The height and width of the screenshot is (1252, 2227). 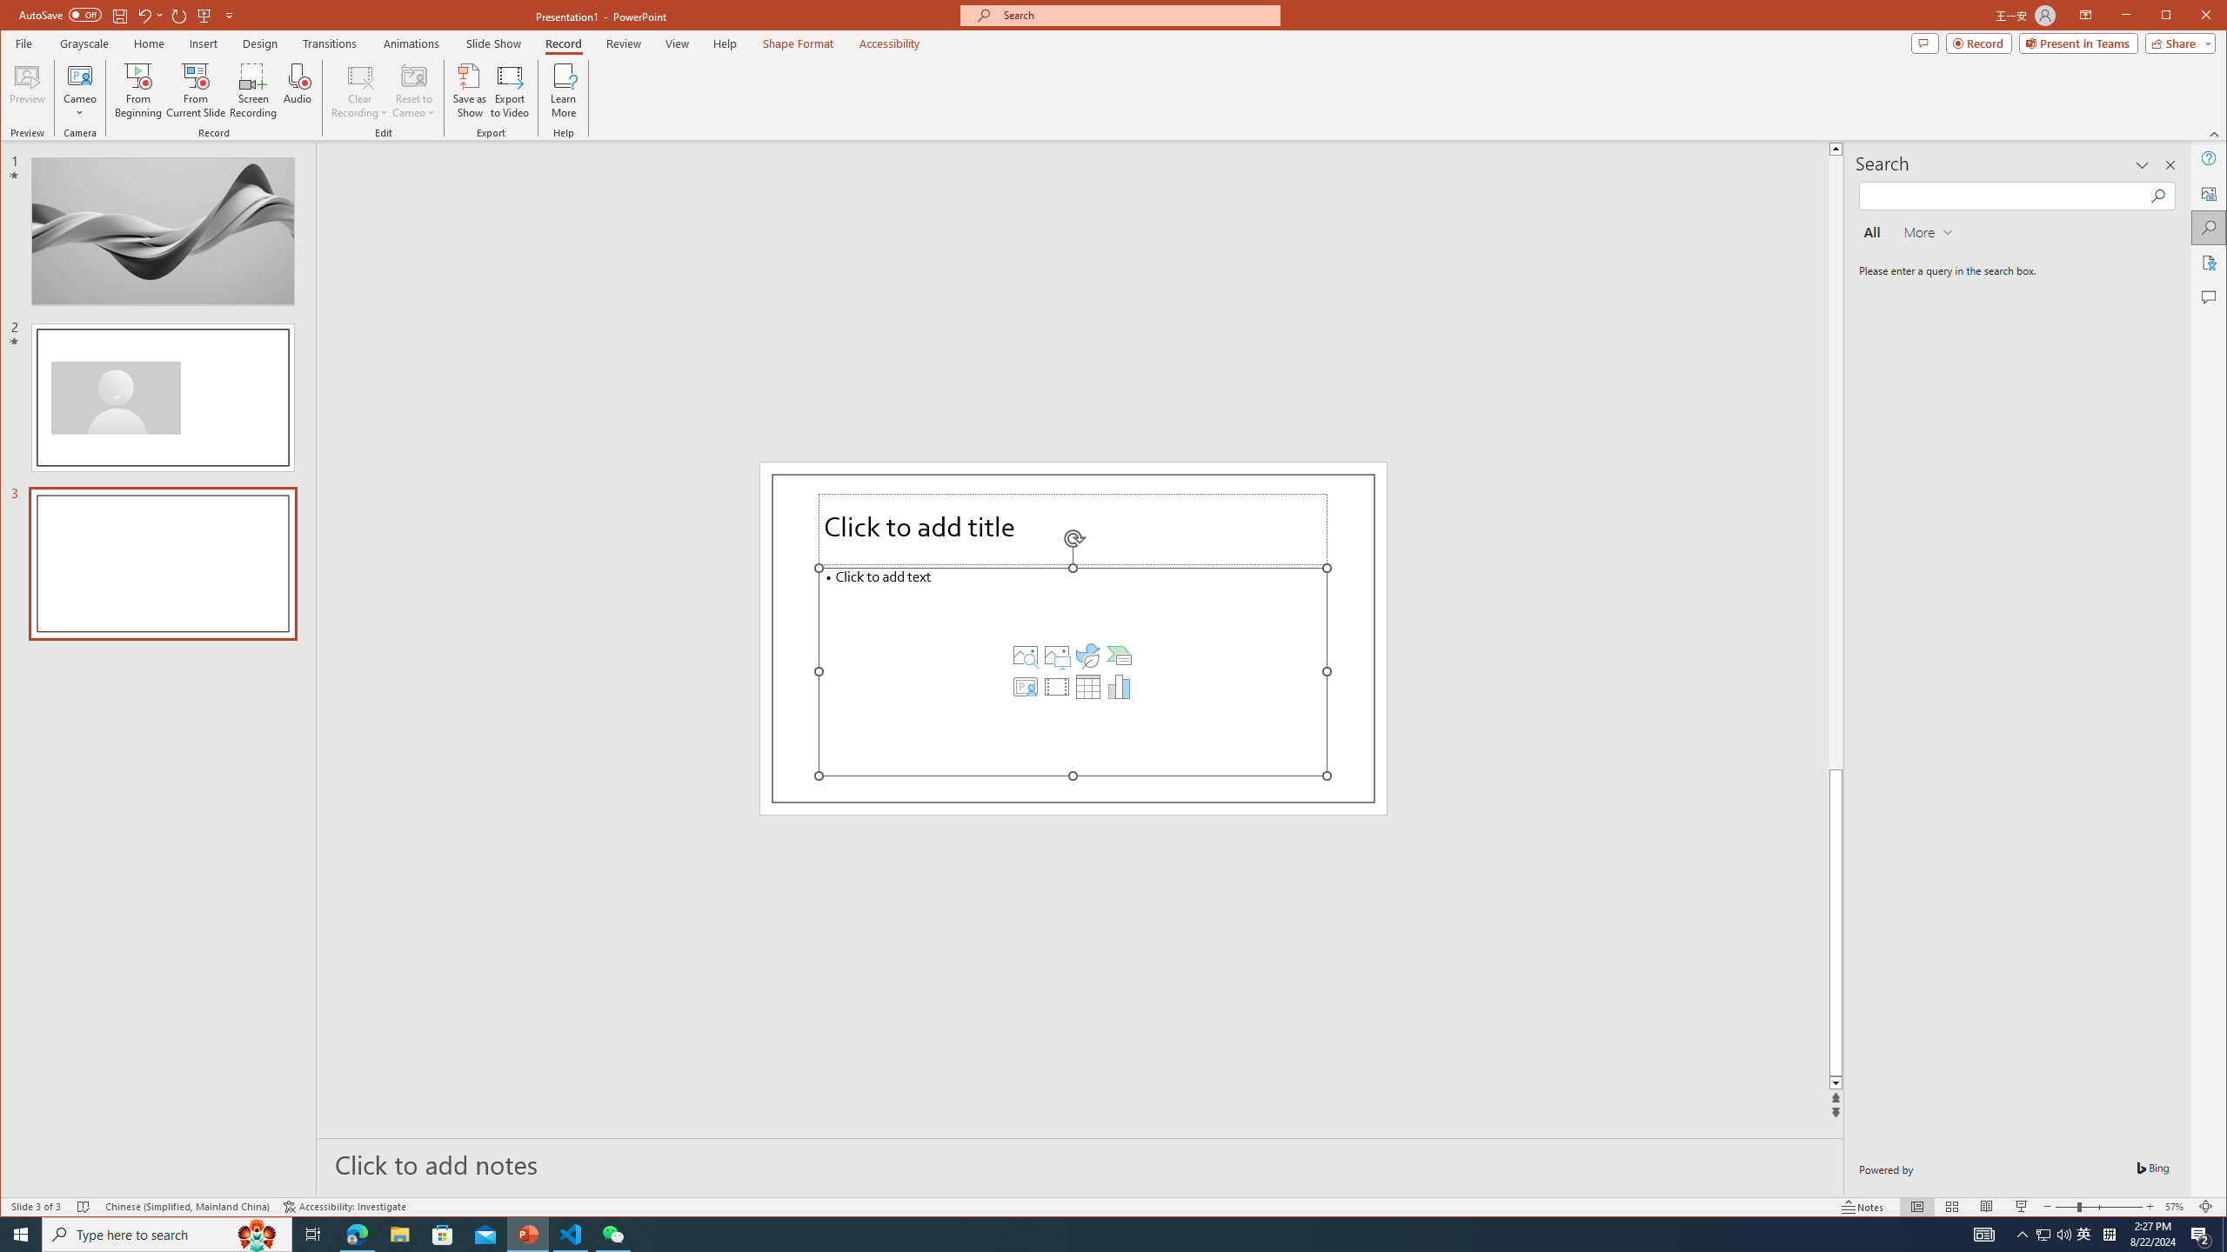 What do you see at coordinates (613, 1233) in the screenshot?
I see `'WeChat - 1 running window'` at bounding box center [613, 1233].